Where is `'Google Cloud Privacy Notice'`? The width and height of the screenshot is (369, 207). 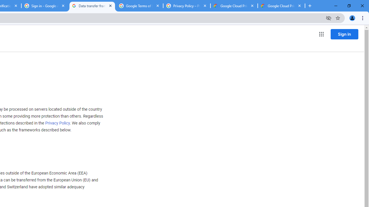
'Google Cloud Privacy Notice' is located at coordinates (234, 6).